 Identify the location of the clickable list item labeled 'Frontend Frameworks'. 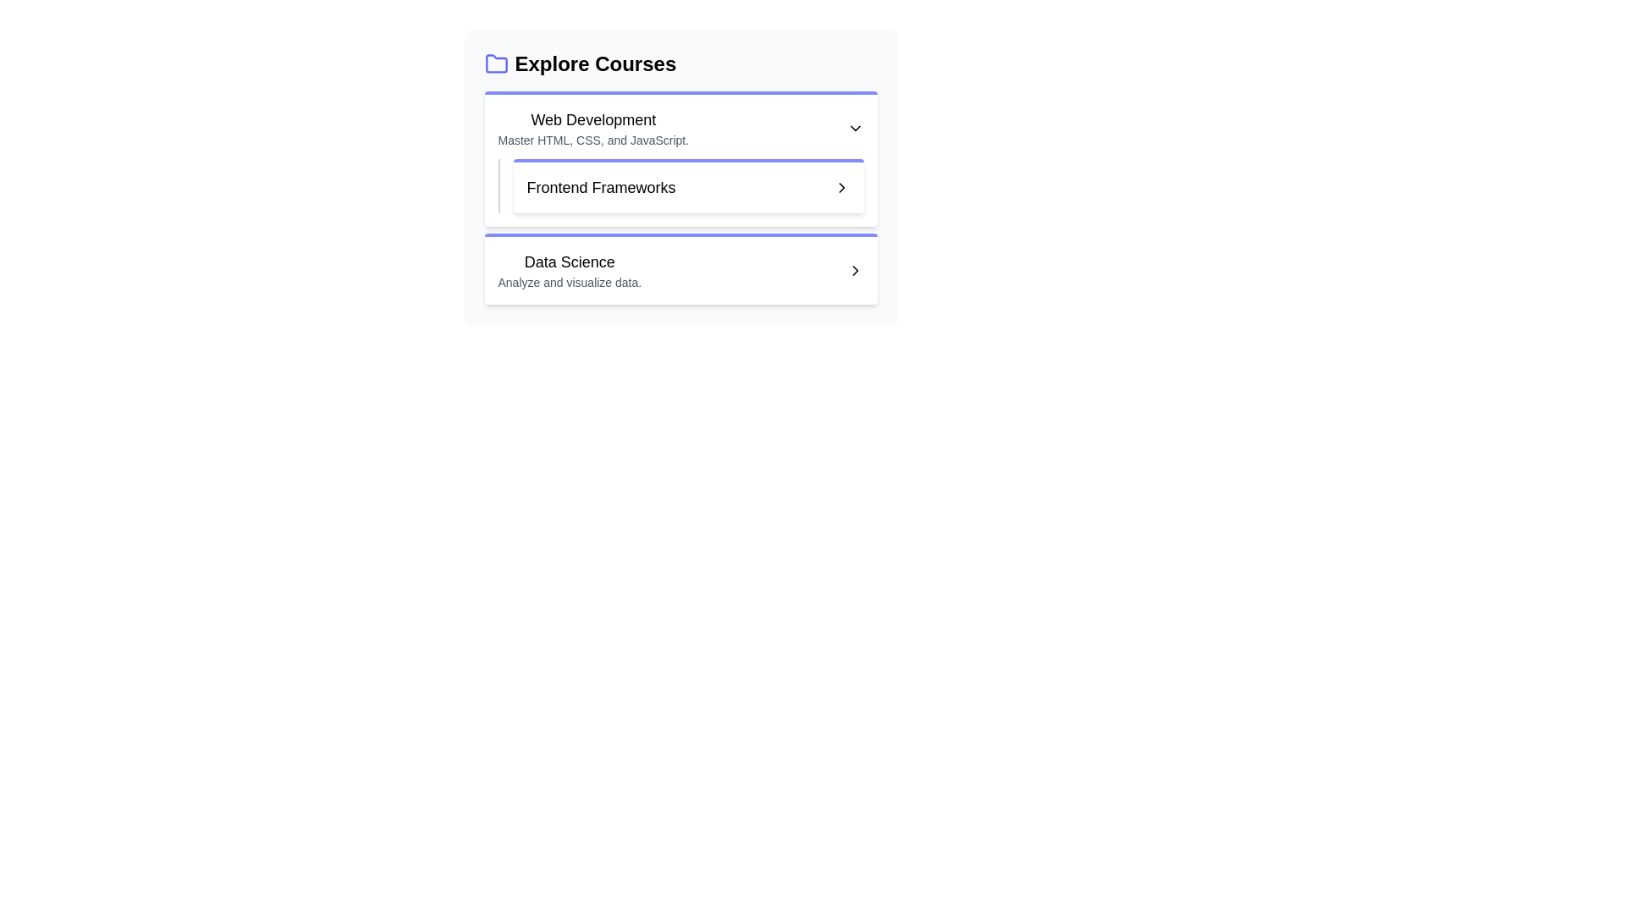
(688, 185).